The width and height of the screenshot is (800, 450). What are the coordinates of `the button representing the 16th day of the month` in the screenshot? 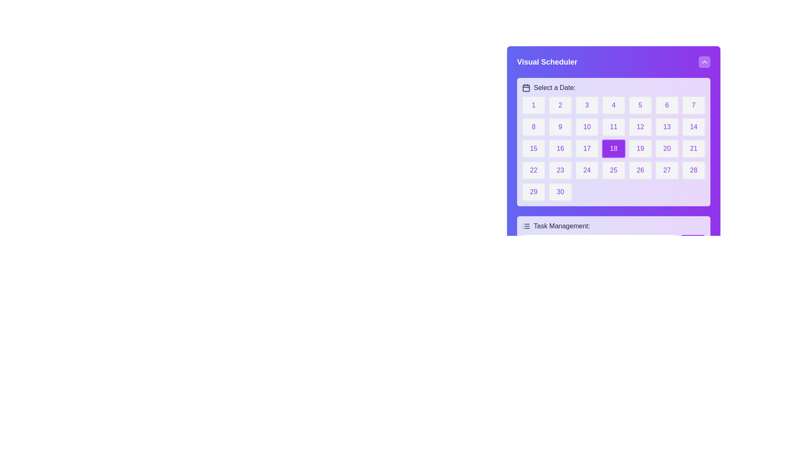 It's located at (560, 148).